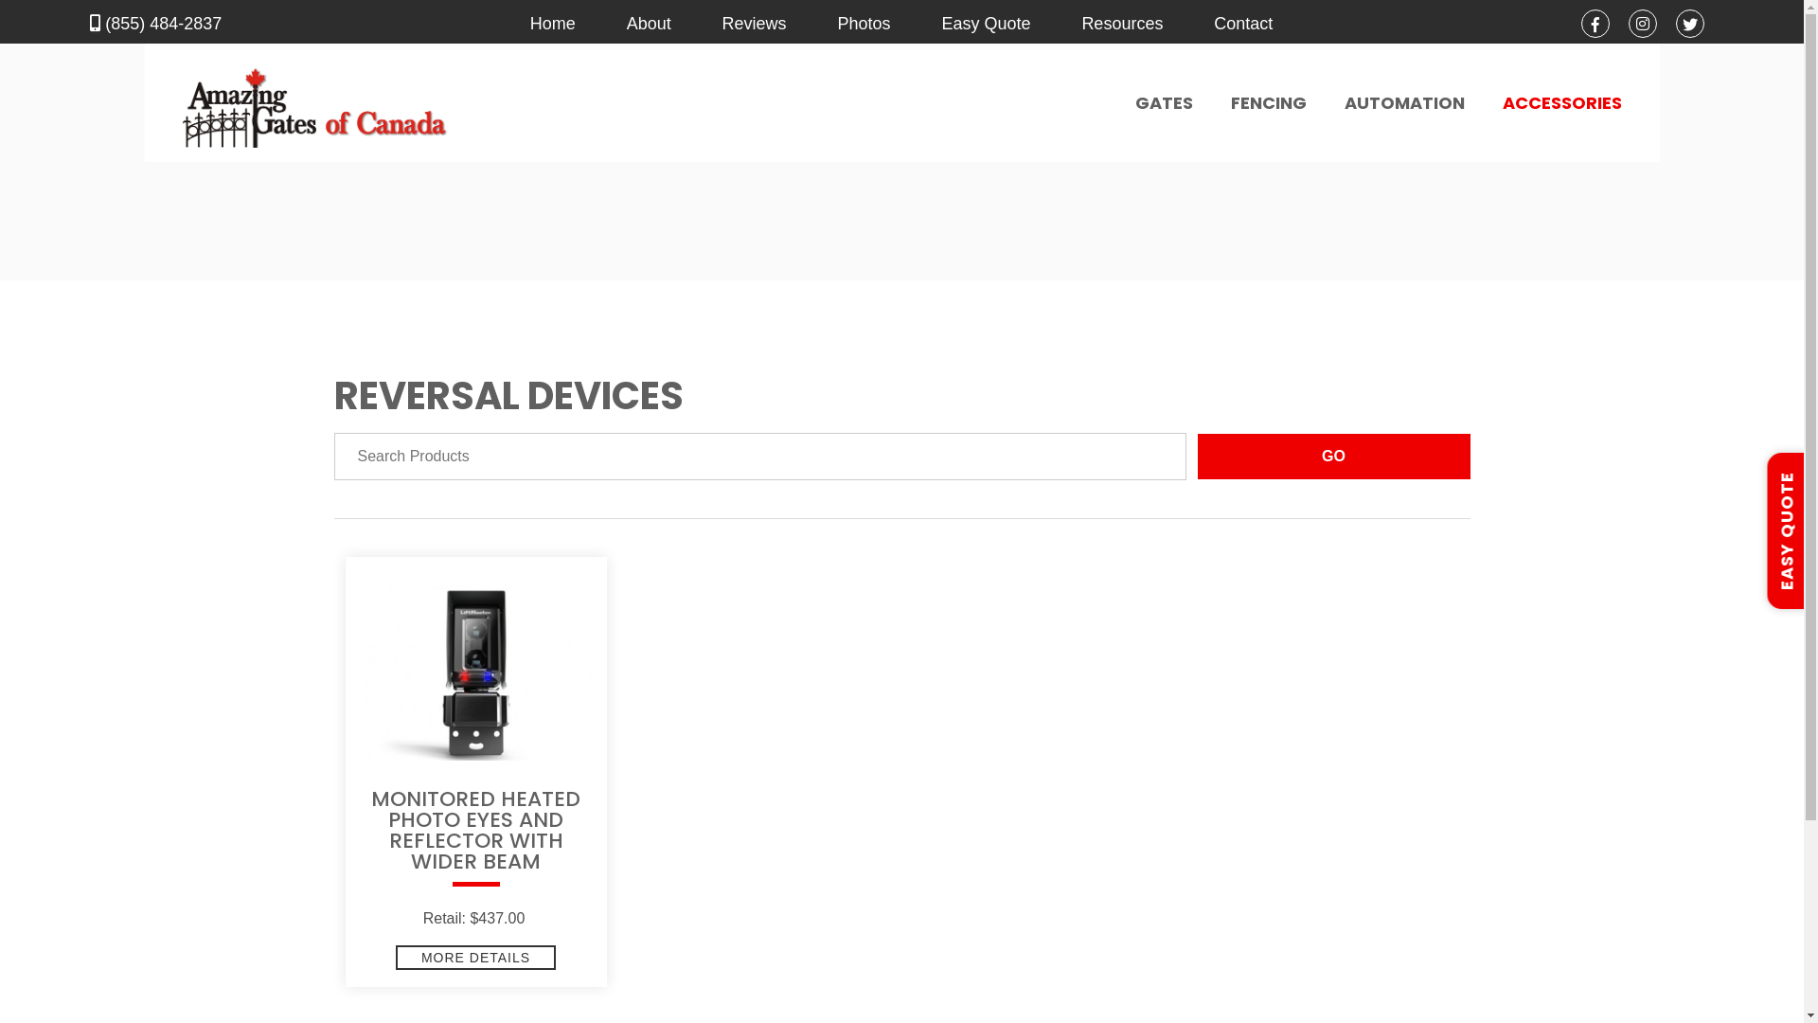 This screenshot has height=1023, width=1818. Describe the element at coordinates (649, 23) in the screenshot. I see `'About'` at that location.